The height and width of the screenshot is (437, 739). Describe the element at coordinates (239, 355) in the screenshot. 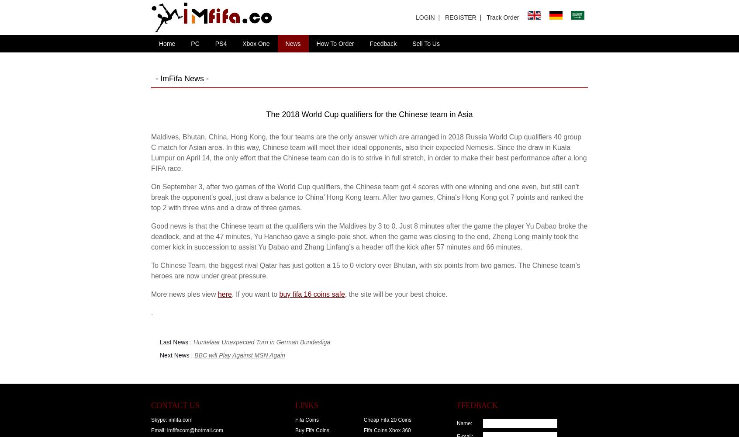

I see `'BBC will Play Against MSN Again'` at that location.